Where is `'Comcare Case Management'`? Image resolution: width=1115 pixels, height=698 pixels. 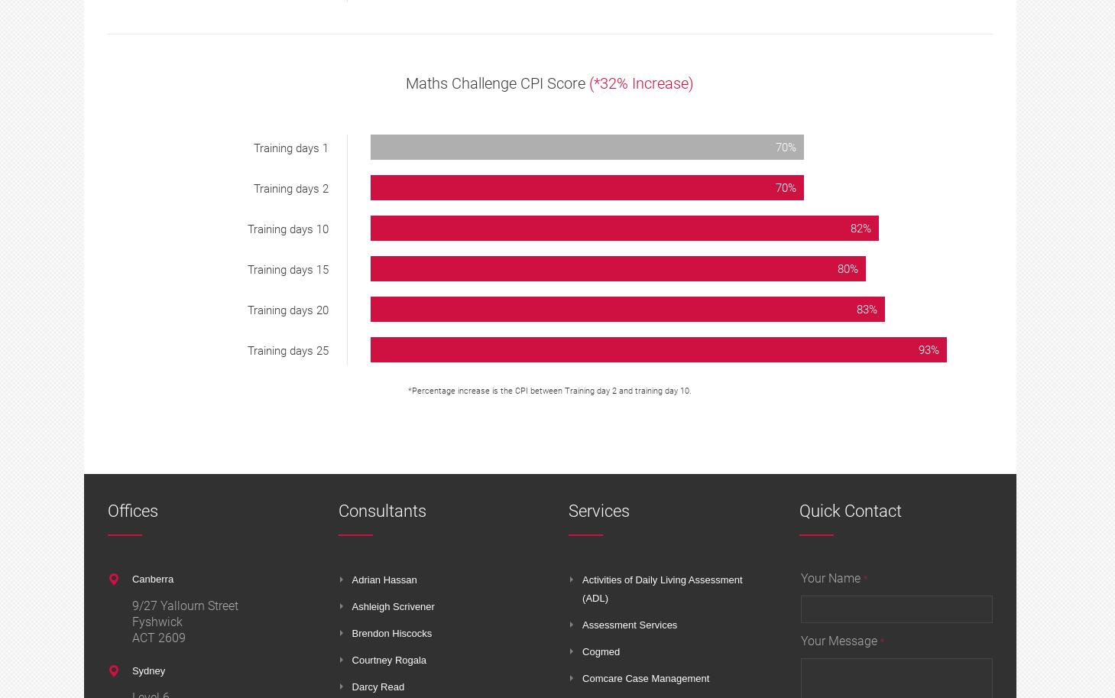
'Comcare Case Management' is located at coordinates (646, 677).